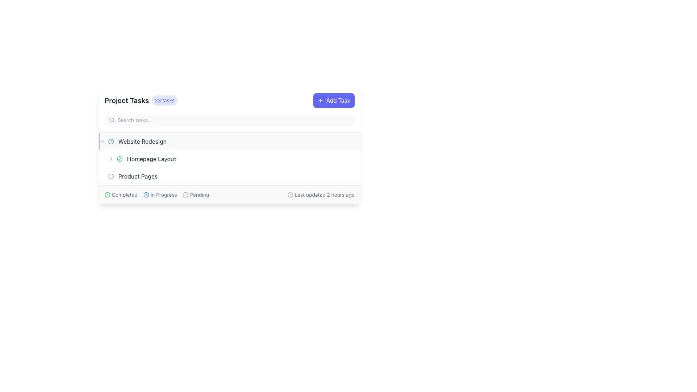 This screenshot has width=697, height=392. I want to click on the 'Product Pages' text label in the lower third of the vertical list under the 'Homepage Layout' section, so click(138, 176).